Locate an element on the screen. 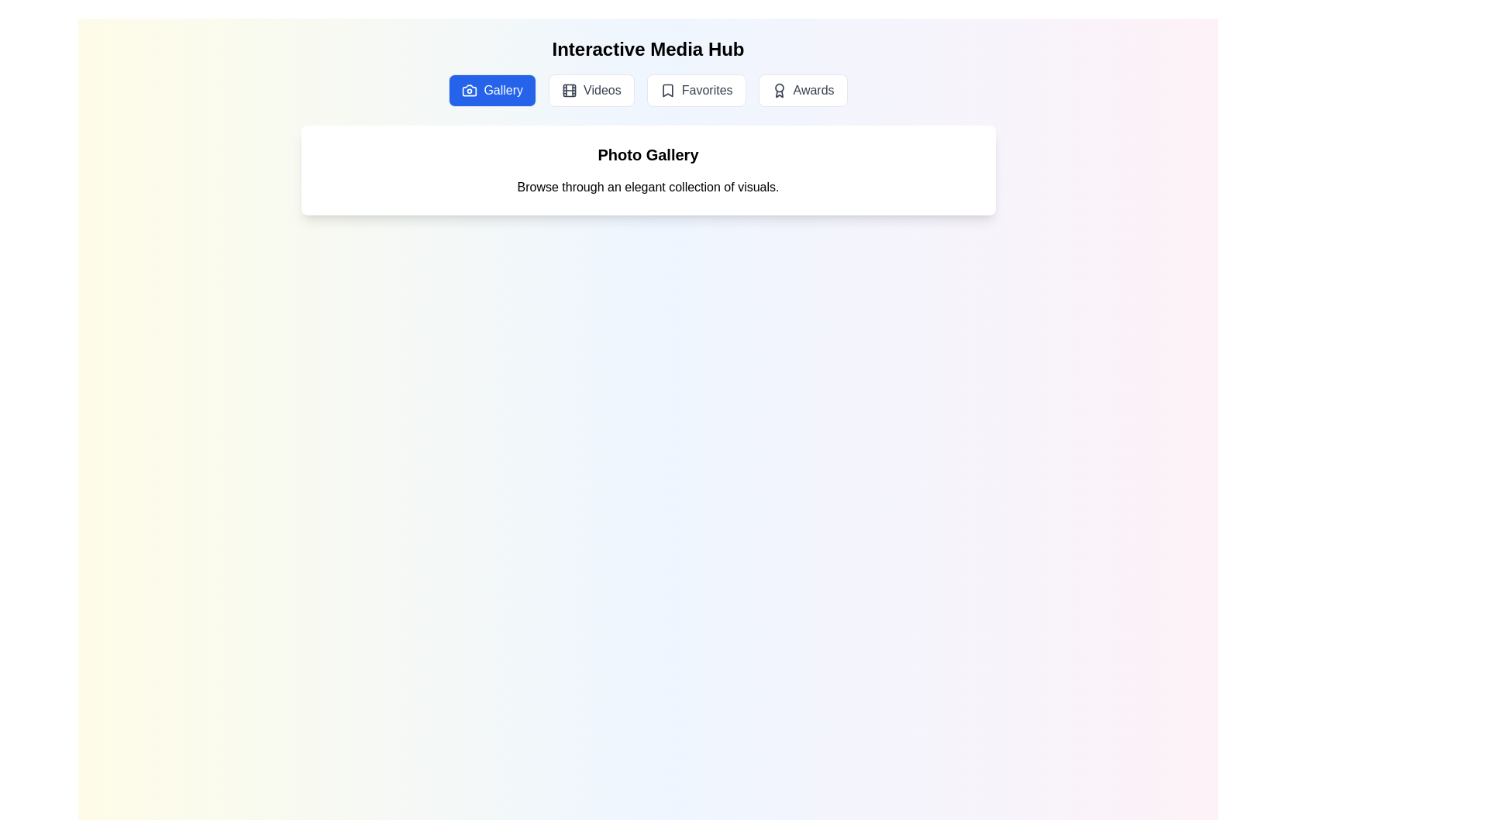  the 'Favorites' button, which is a rectangular button with rounded corners displaying a bookmark icon and the text 'Favorites', located in the top center menu bar is located at coordinates (695, 90).